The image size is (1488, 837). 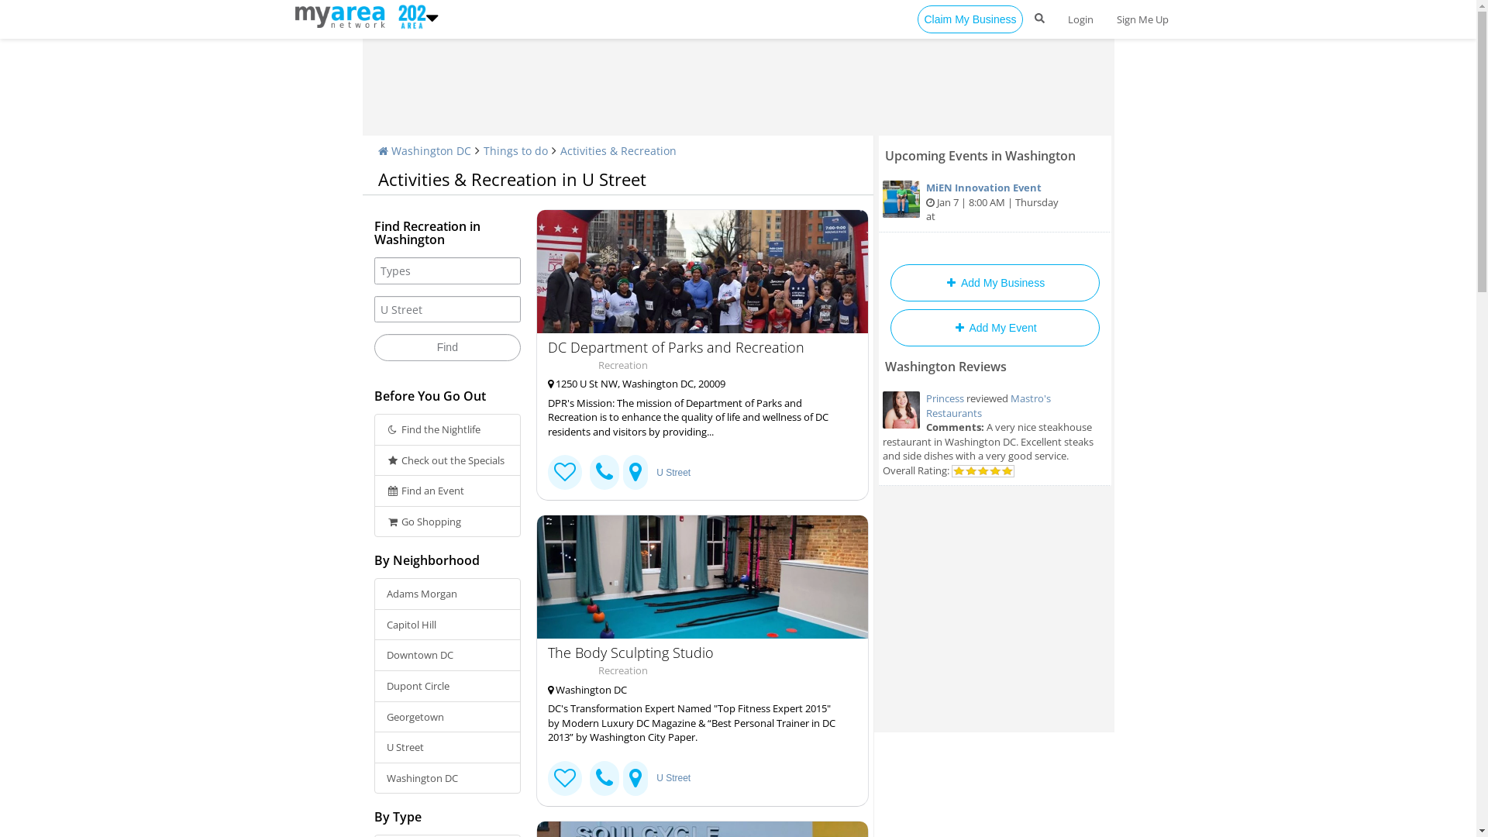 I want to click on 'Princess', so click(x=943, y=397).